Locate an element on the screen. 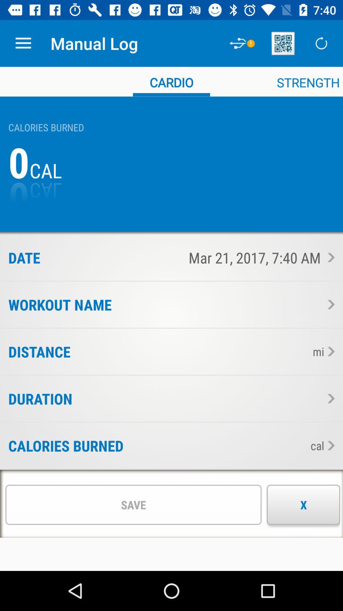  see the duration is located at coordinates (329, 398).